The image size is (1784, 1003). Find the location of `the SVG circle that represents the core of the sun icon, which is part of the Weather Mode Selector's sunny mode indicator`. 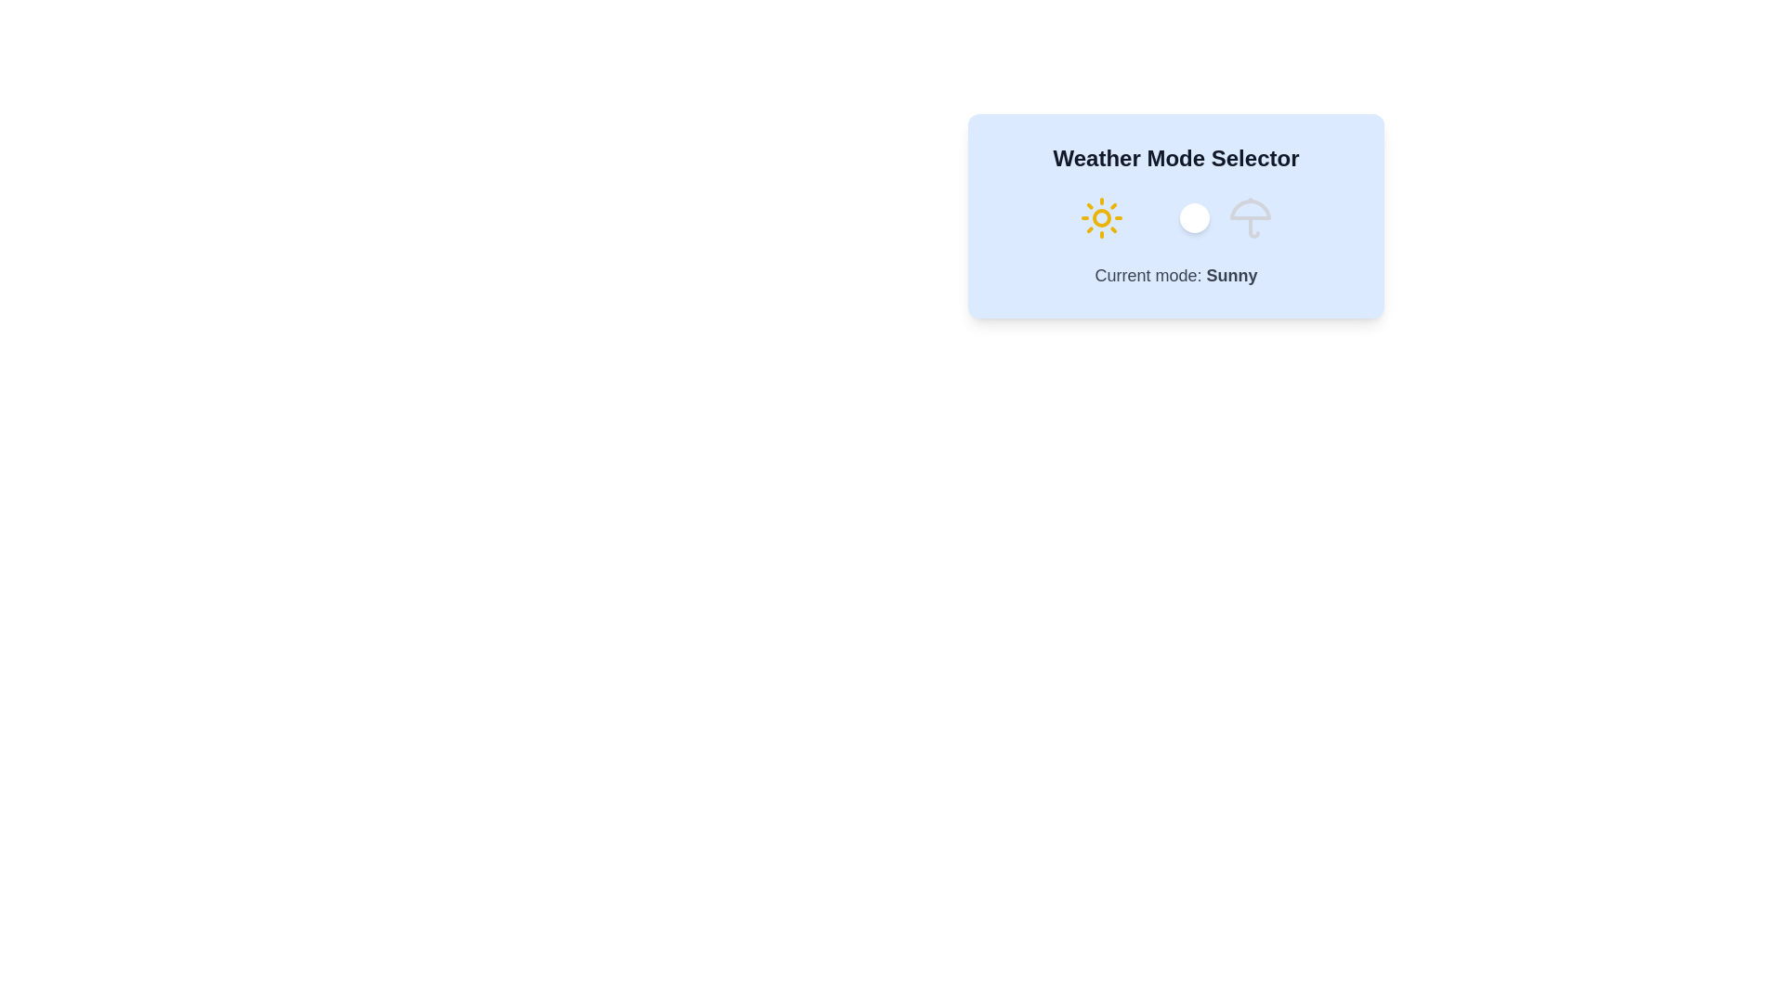

the SVG circle that represents the core of the sun icon, which is part of the Weather Mode Selector's sunny mode indicator is located at coordinates (1101, 217).